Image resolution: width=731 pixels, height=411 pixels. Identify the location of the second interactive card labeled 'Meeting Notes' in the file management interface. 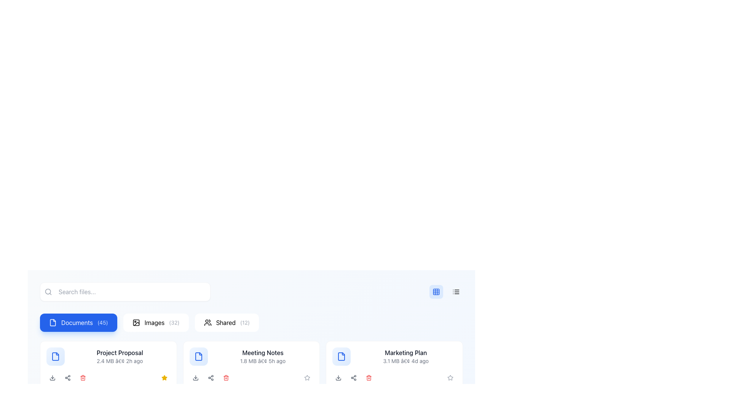
(251, 365).